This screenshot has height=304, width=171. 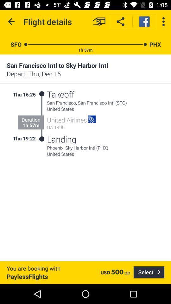 I want to click on the item to the left of takeoff item, so click(x=41, y=93).